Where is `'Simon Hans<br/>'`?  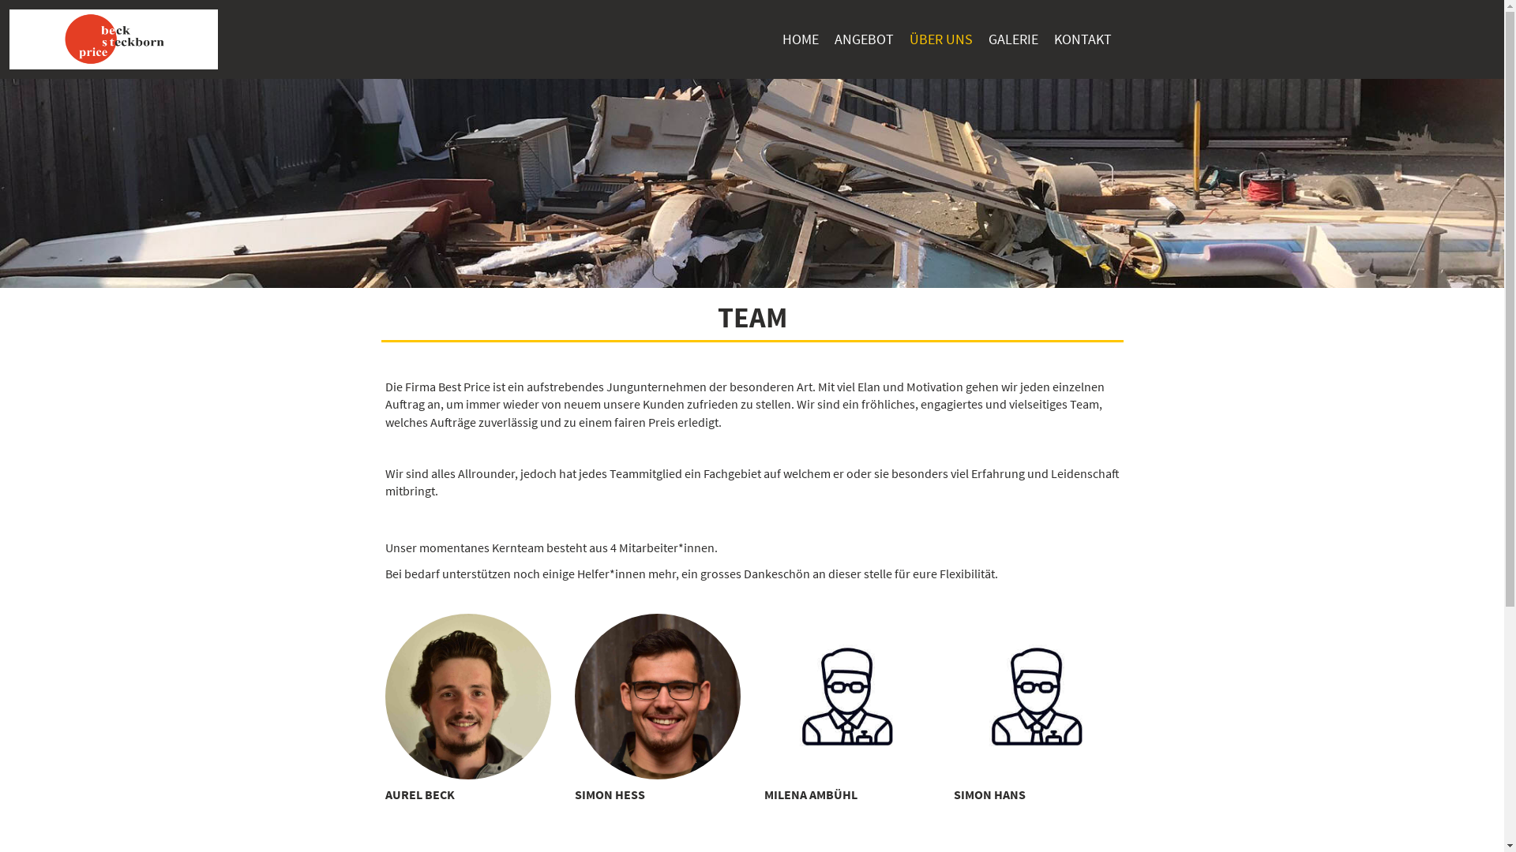 'Simon Hans<br/>' is located at coordinates (1037, 696).